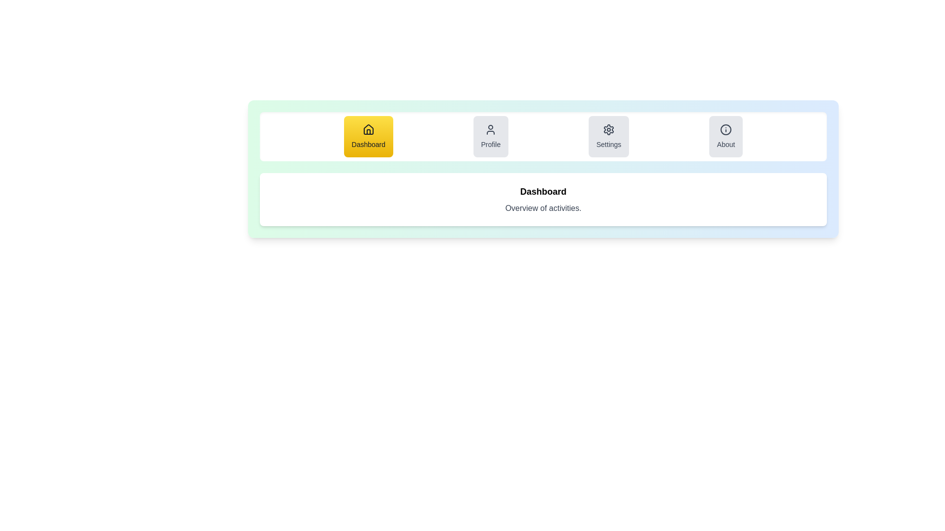 This screenshot has height=531, width=945. Describe the element at coordinates (491, 136) in the screenshot. I see `the Profile tab by clicking on its button` at that location.